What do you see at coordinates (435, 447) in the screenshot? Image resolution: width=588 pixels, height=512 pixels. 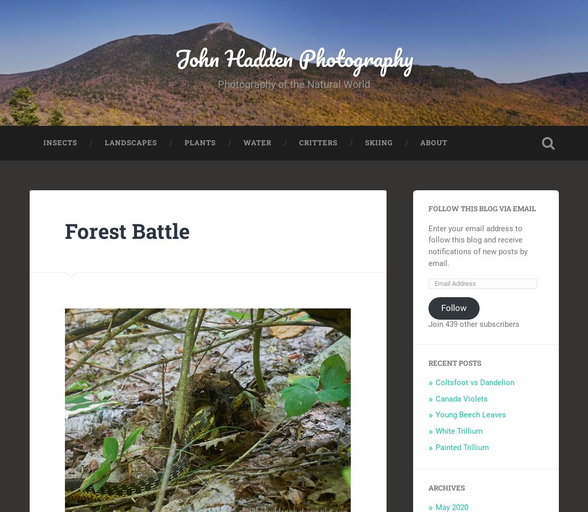 I see `'Painted Trillium'` at bounding box center [435, 447].